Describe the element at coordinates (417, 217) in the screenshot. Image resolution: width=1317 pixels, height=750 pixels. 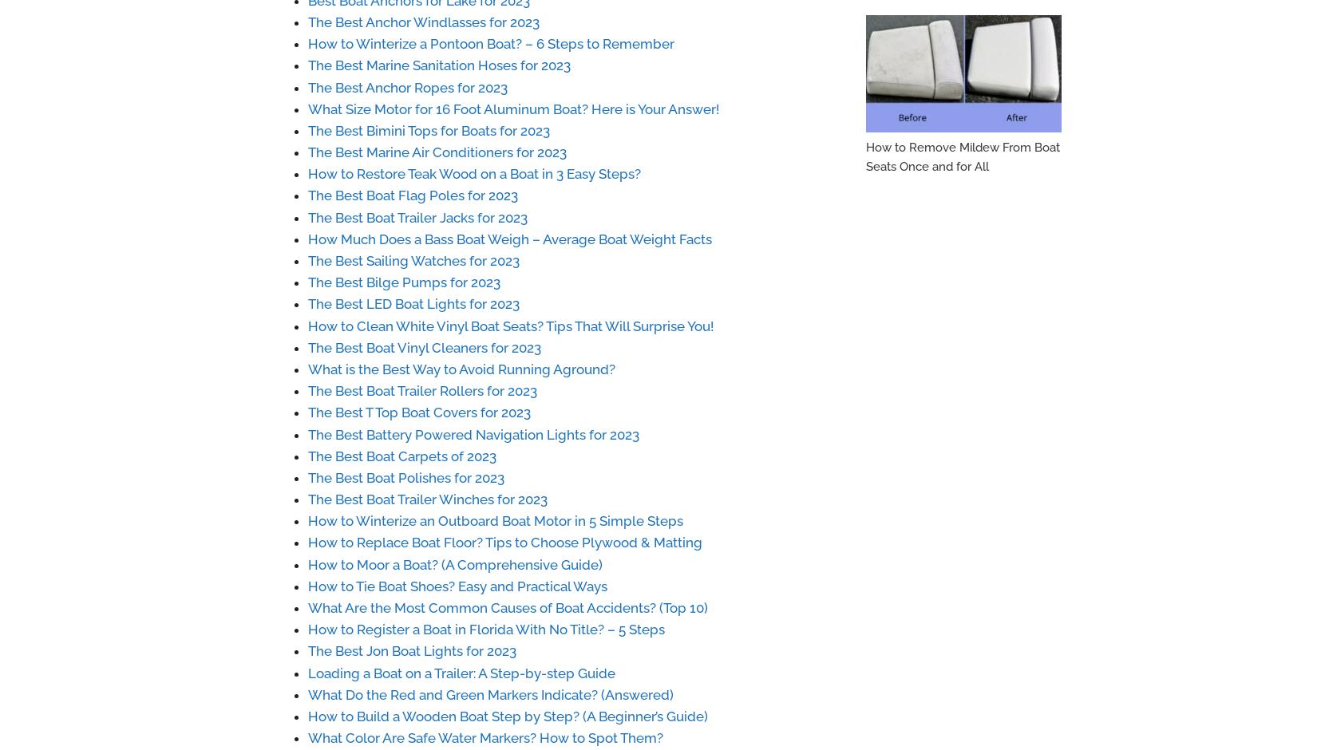
I see `'The Best Boat Trailer Jacks for 2023'` at that location.